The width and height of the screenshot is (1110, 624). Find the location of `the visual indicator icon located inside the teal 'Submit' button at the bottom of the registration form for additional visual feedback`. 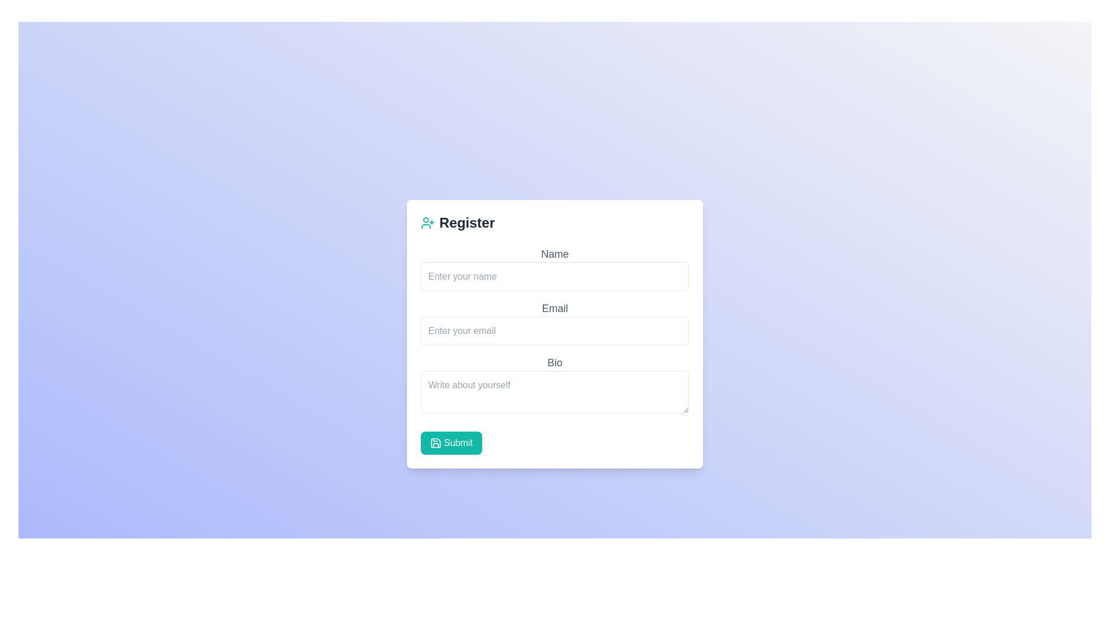

the visual indicator icon located inside the teal 'Submit' button at the bottom of the registration form for additional visual feedback is located at coordinates (435, 442).